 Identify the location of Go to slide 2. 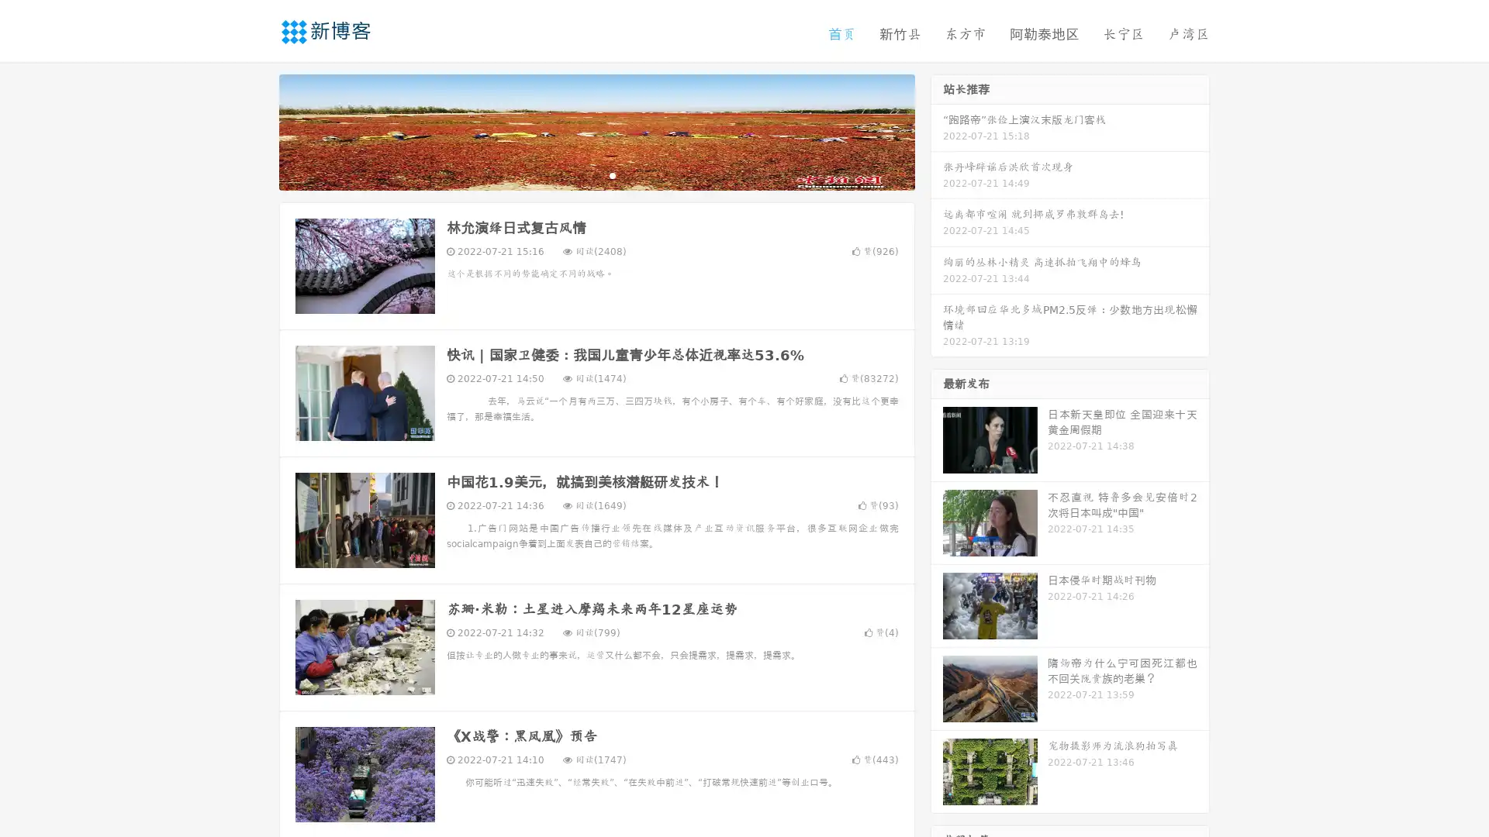
(596, 174).